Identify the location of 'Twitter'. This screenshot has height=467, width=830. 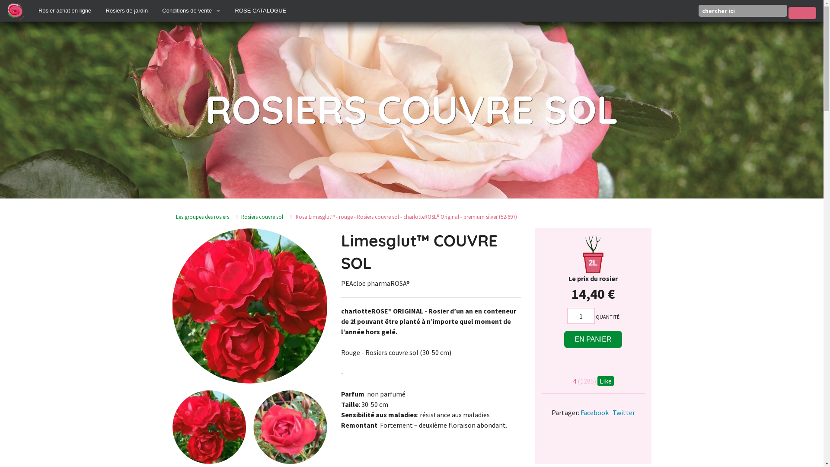
(623, 412).